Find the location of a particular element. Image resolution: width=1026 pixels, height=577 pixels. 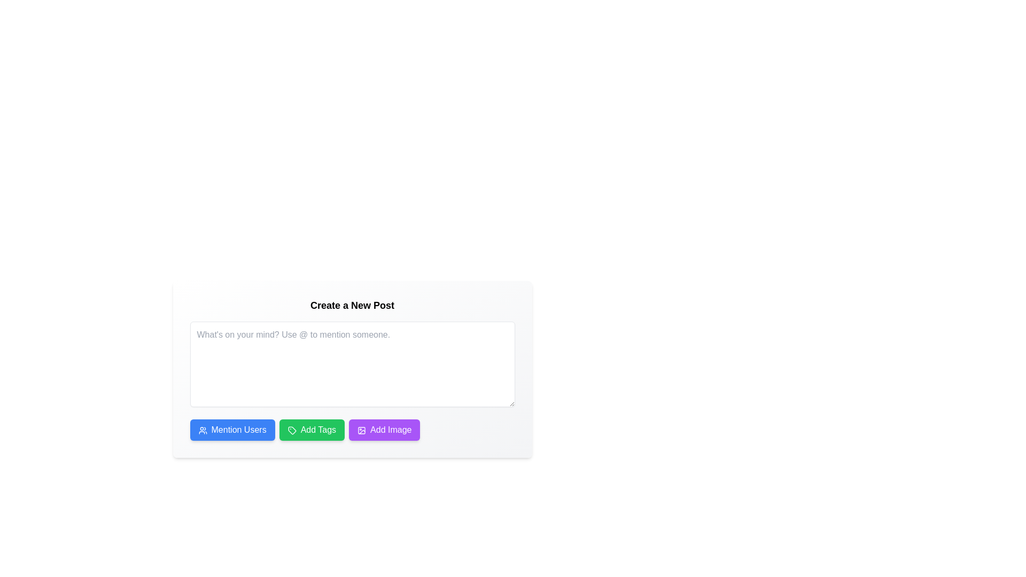

the 'Add Tags' button, which is styled with a green background and white rounded text is located at coordinates (311, 430).